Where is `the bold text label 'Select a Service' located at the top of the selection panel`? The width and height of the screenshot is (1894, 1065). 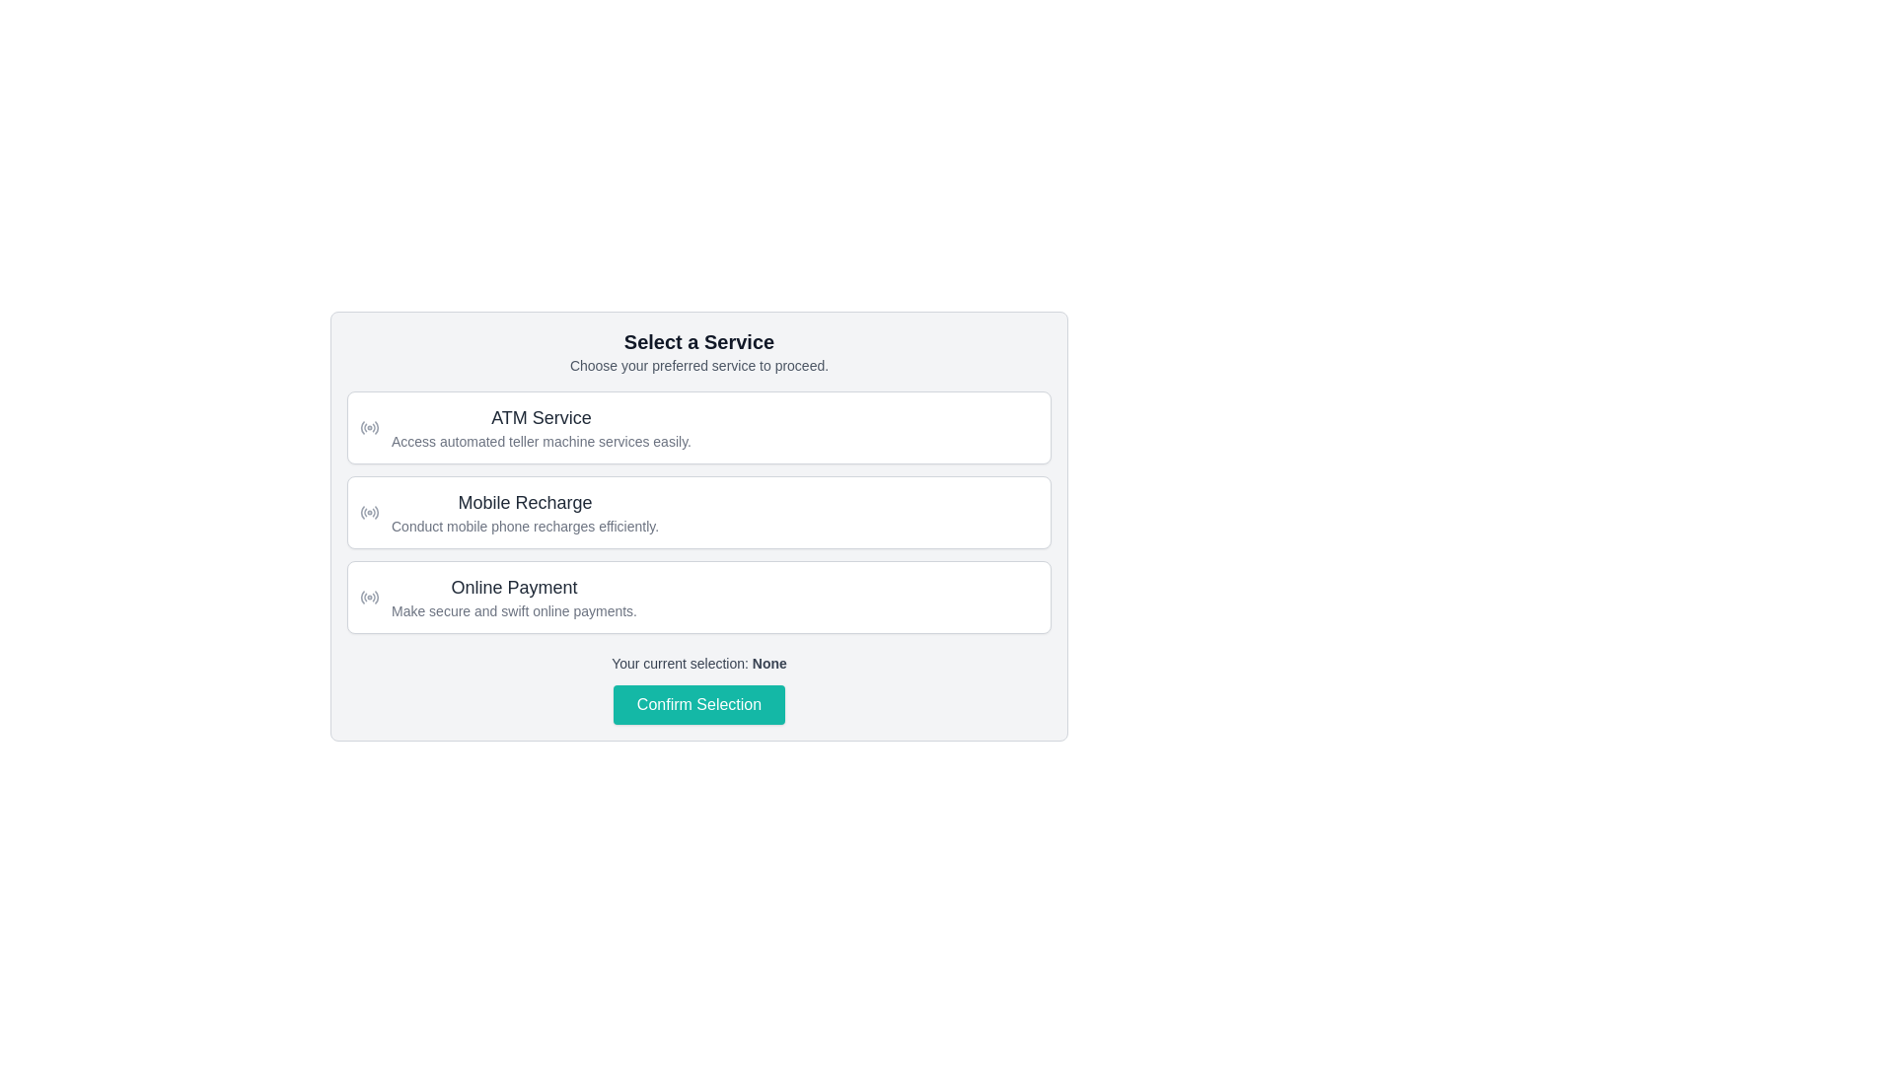 the bold text label 'Select a Service' located at the top of the selection panel is located at coordinates (699, 341).